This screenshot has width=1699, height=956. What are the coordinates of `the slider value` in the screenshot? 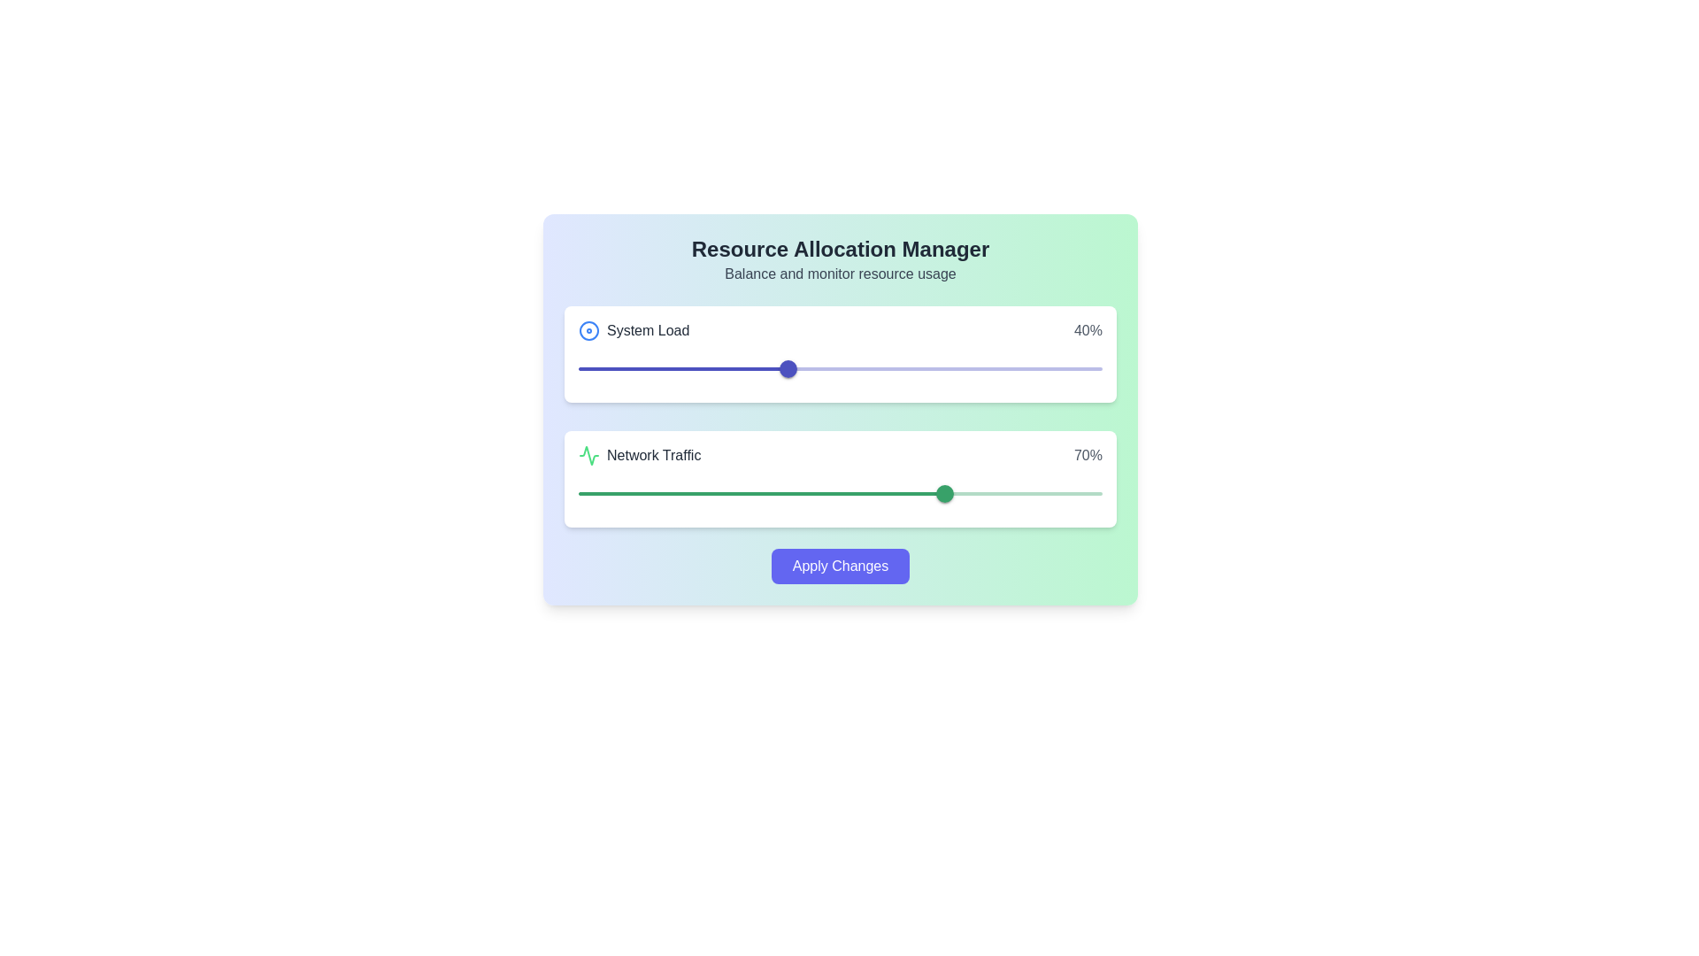 It's located at (1013, 494).